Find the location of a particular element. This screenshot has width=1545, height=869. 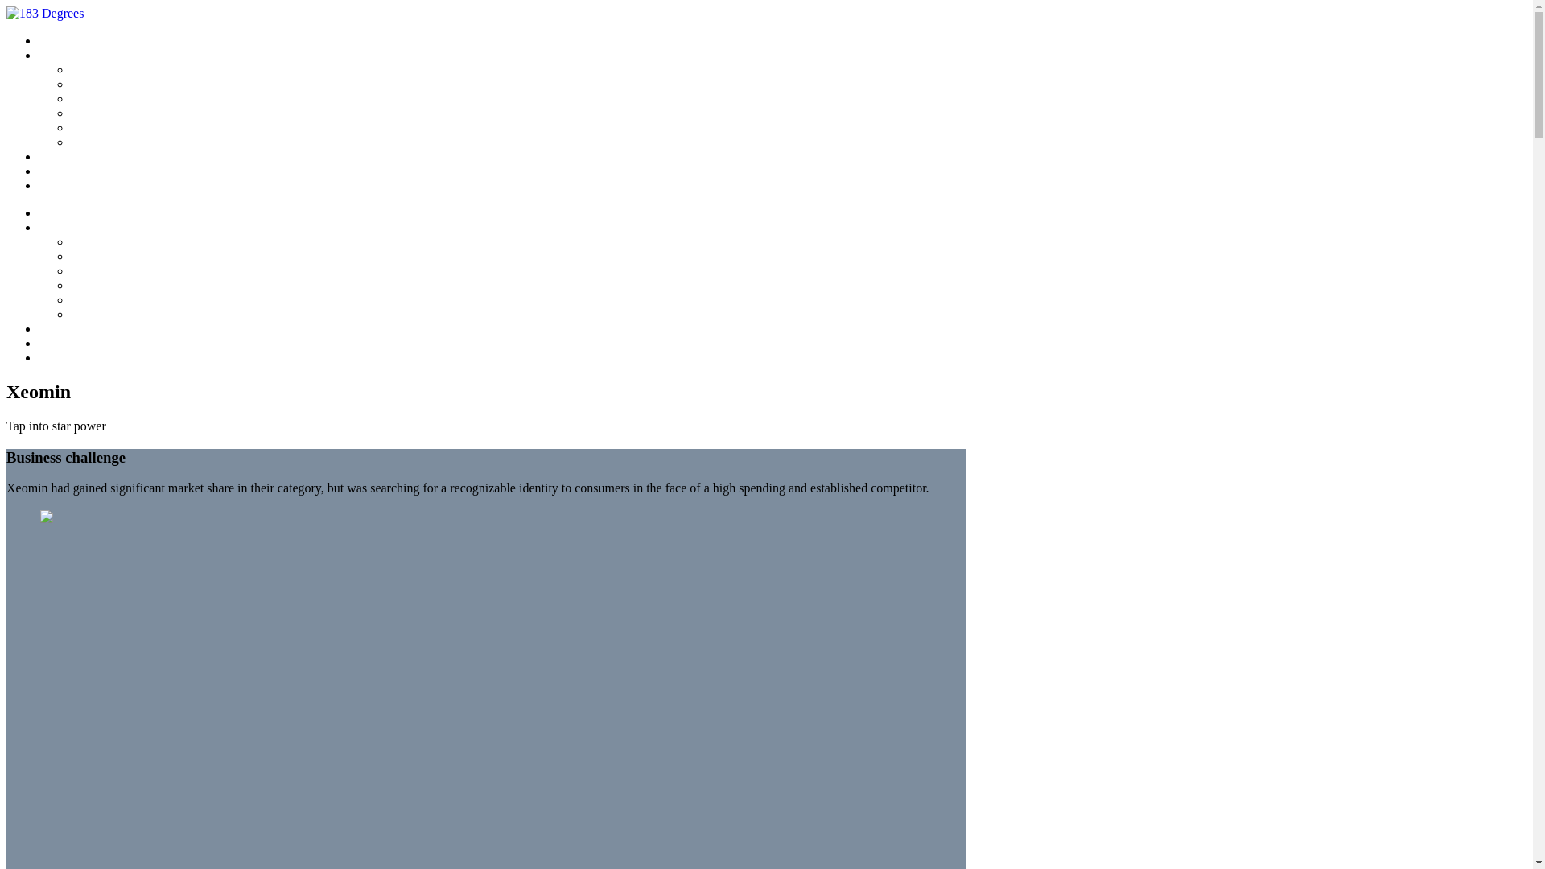

'More Projects' is located at coordinates (72, 157).